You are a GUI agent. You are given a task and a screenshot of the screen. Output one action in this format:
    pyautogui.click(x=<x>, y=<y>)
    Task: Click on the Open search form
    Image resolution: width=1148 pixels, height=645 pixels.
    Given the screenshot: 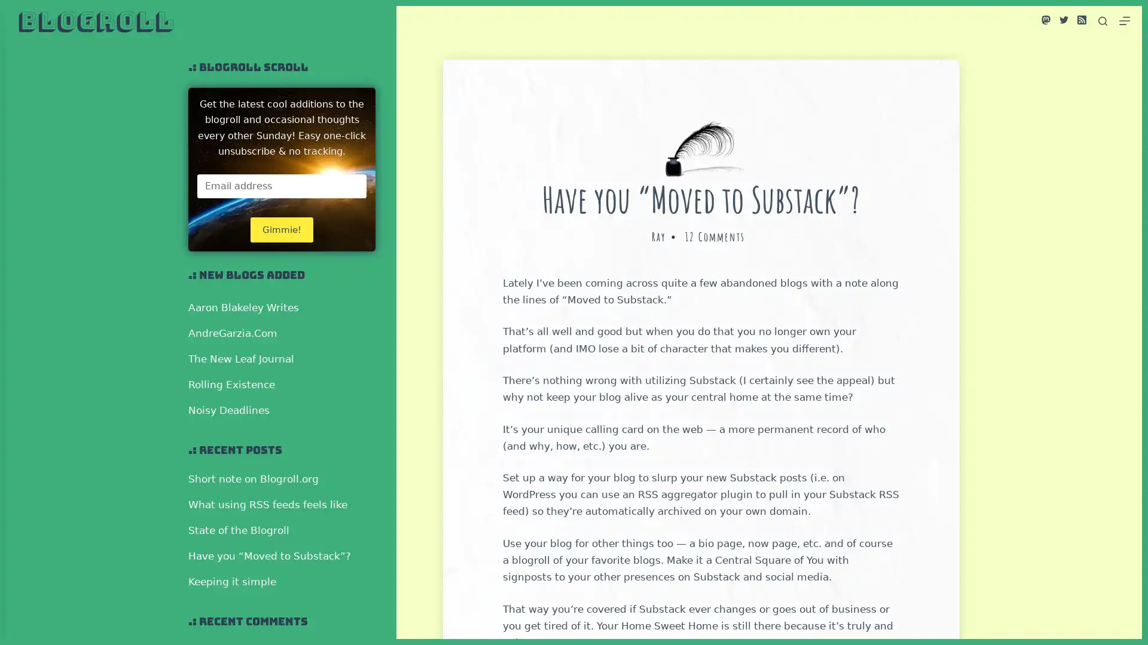 What is the action you would take?
    pyautogui.click(x=1102, y=20)
    